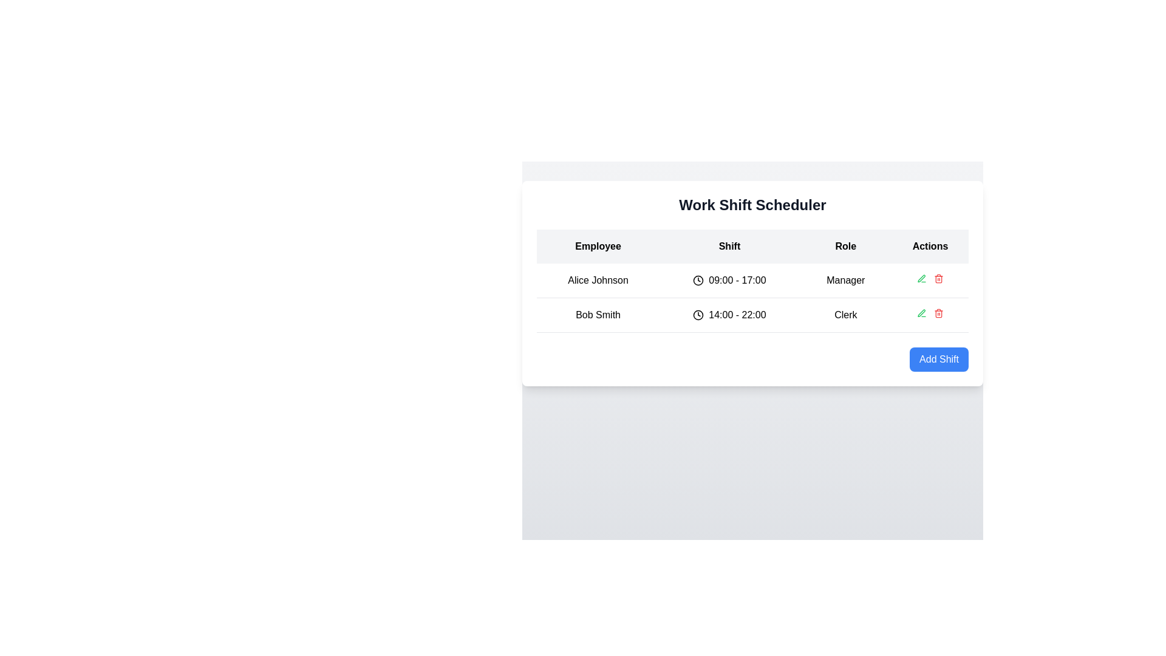 The image size is (1166, 656). Describe the element at coordinates (845, 315) in the screenshot. I see `the text label displaying 'Clerk' in the Role column of the shift table for employee Bob Smith` at that location.